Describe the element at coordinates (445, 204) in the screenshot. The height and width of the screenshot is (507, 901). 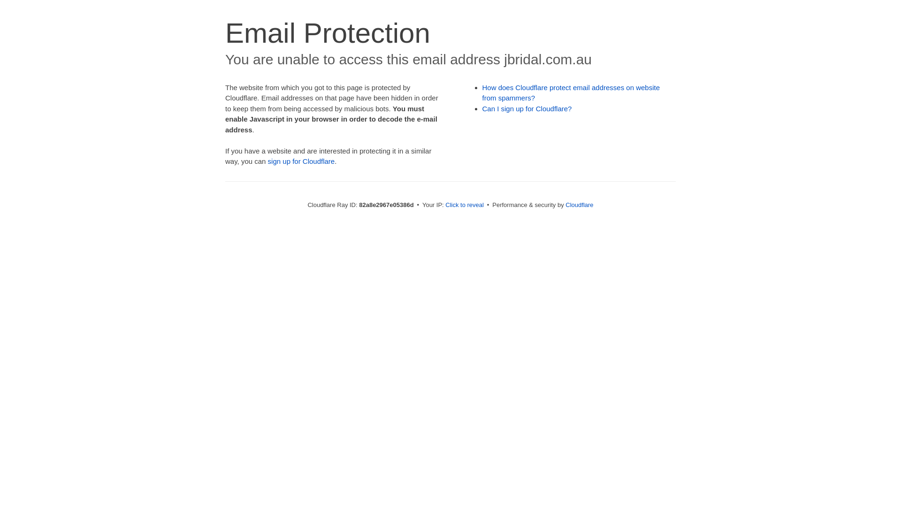
I see `'Click to reveal'` at that location.